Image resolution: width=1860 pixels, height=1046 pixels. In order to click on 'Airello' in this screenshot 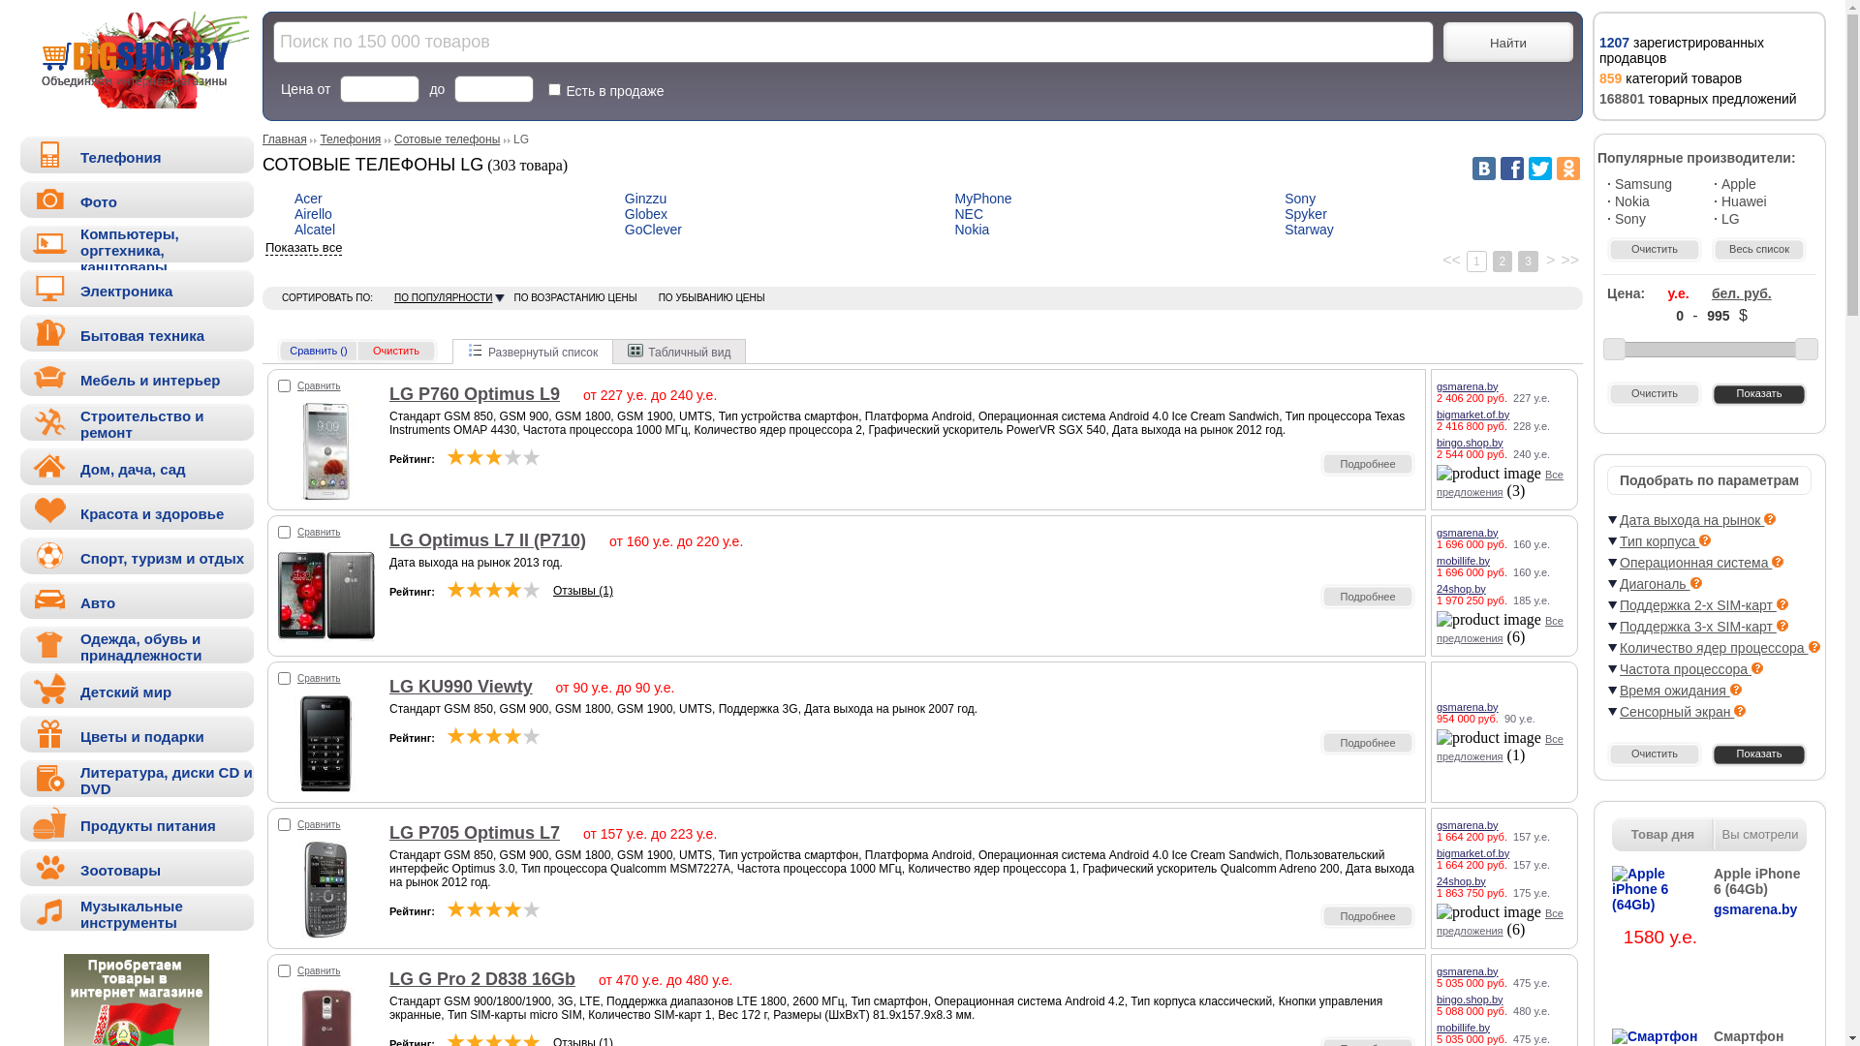, I will do `click(313, 213)`.